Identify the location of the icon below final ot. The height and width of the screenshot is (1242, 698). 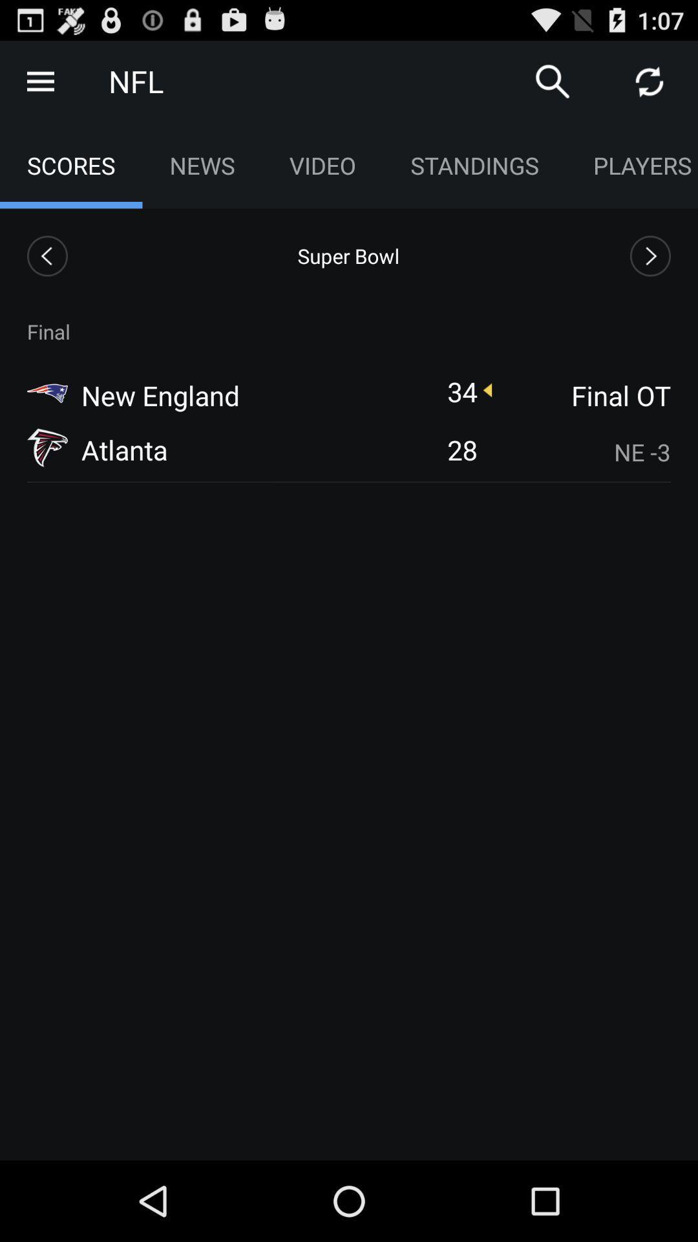
(582, 452).